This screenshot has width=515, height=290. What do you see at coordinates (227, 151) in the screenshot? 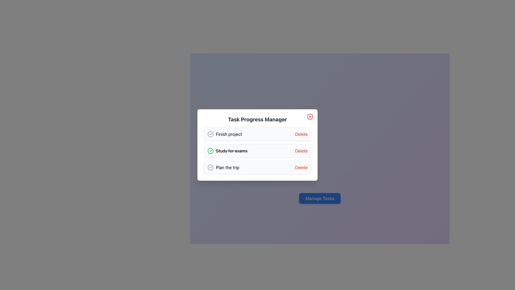
I see `text content of the completed task label displayed with a strikethrough style, located in the second row of the task management interface, between 'Finish project' and 'Plan the trip'` at bounding box center [227, 151].